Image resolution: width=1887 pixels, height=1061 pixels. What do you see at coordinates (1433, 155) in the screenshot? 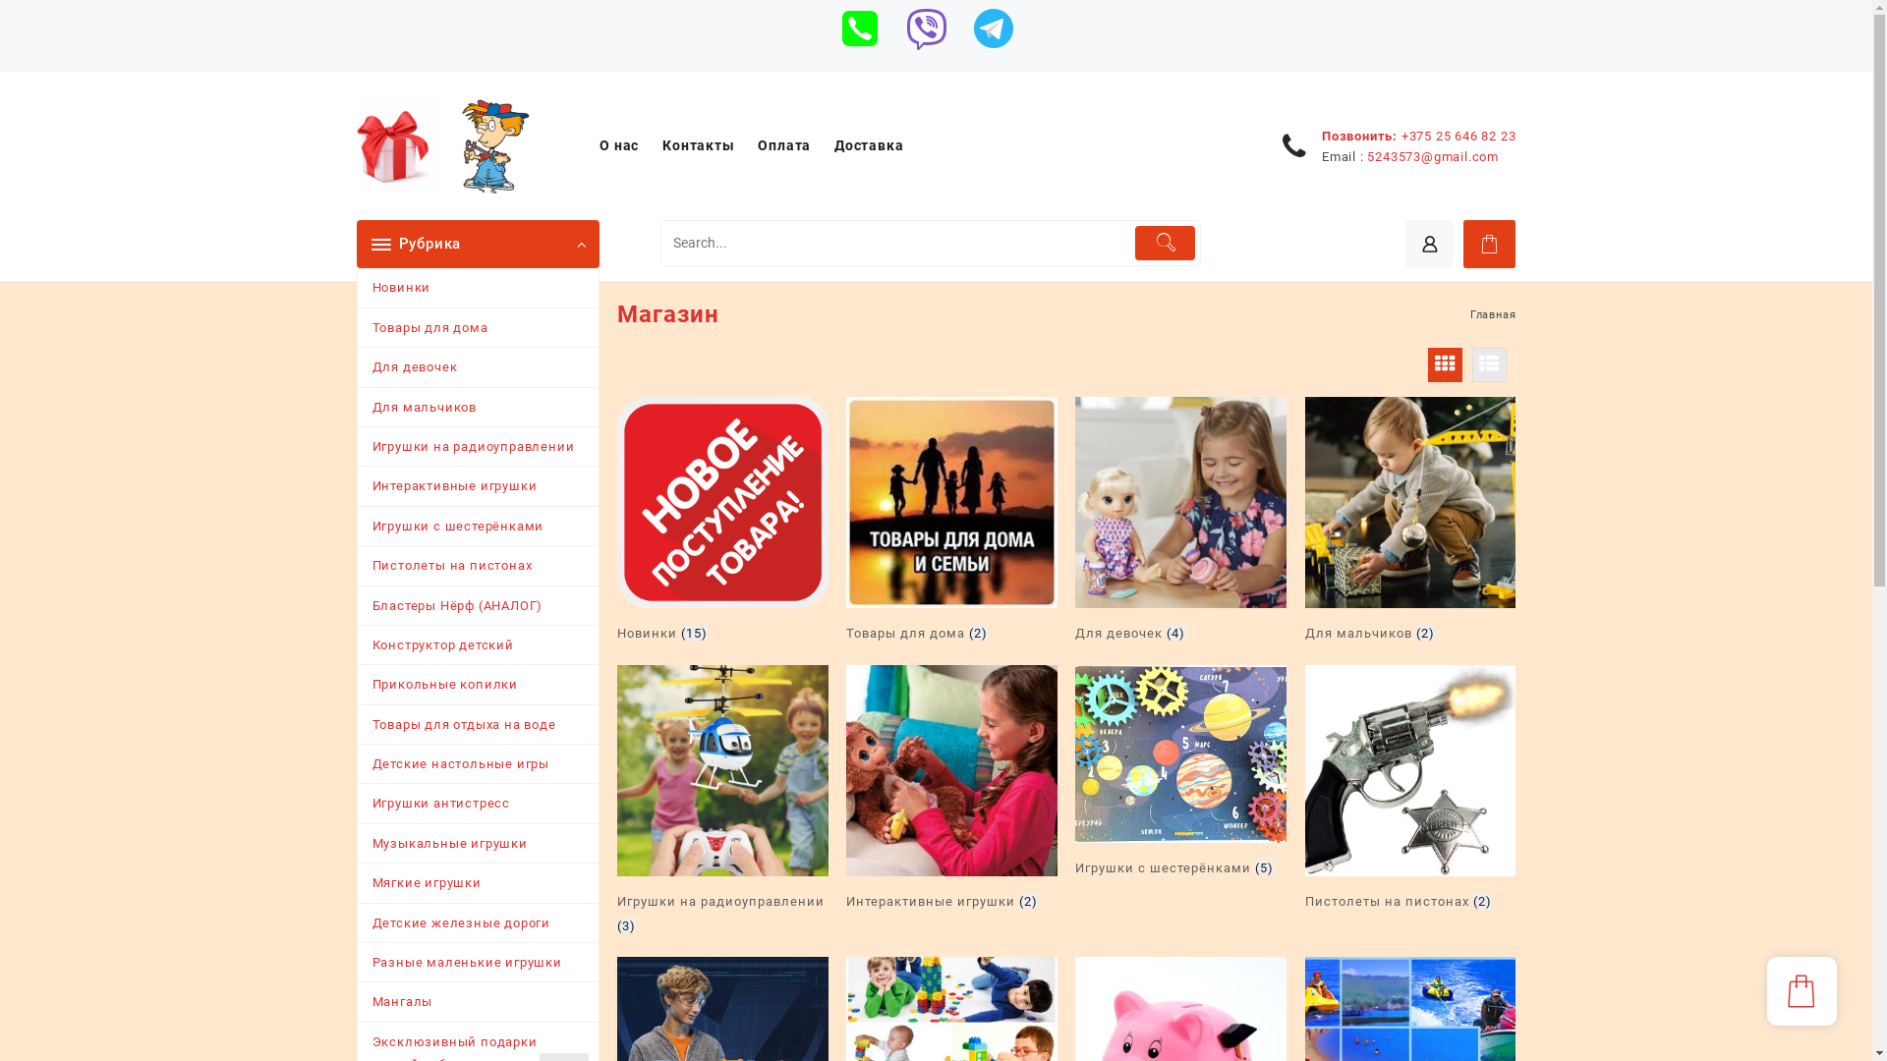
I see `'5243573@gmail.com'` at bounding box center [1433, 155].